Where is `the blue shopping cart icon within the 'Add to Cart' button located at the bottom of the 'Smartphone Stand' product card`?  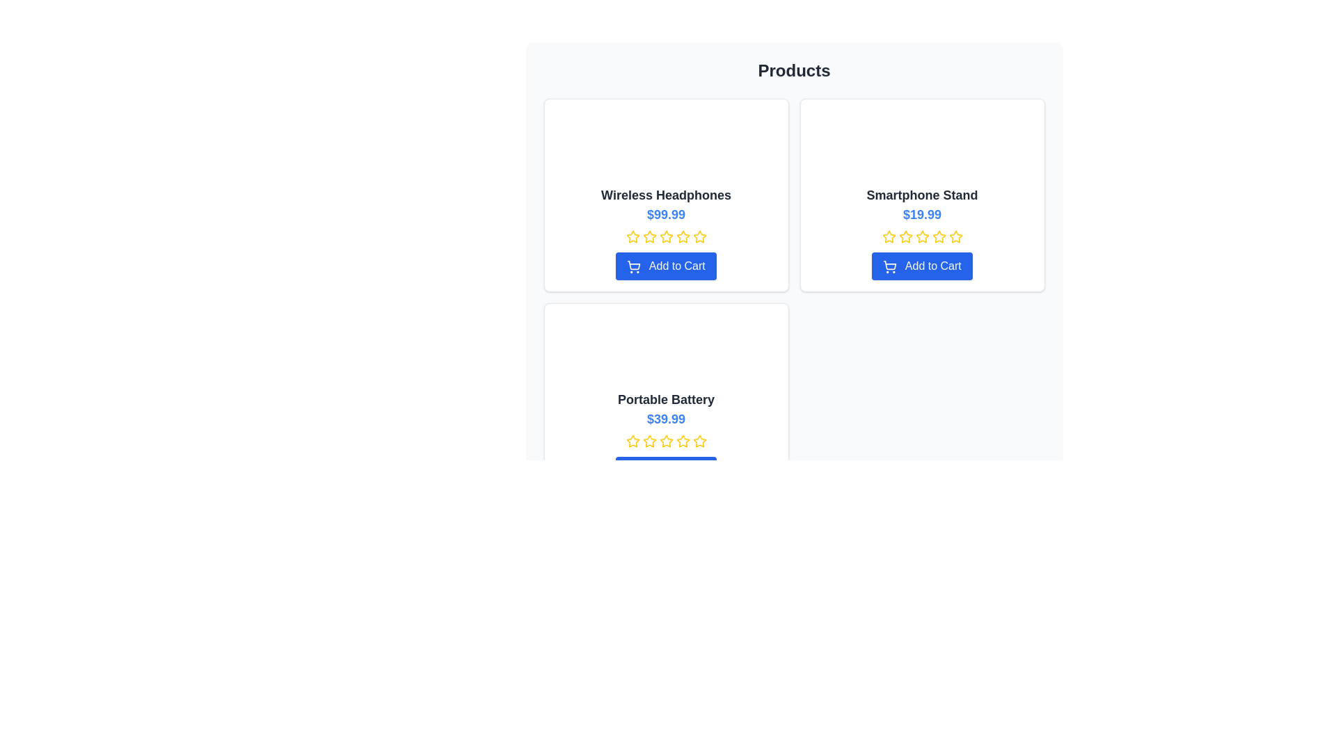 the blue shopping cart icon within the 'Add to Cart' button located at the bottom of the 'Smartphone Stand' product card is located at coordinates (889, 265).